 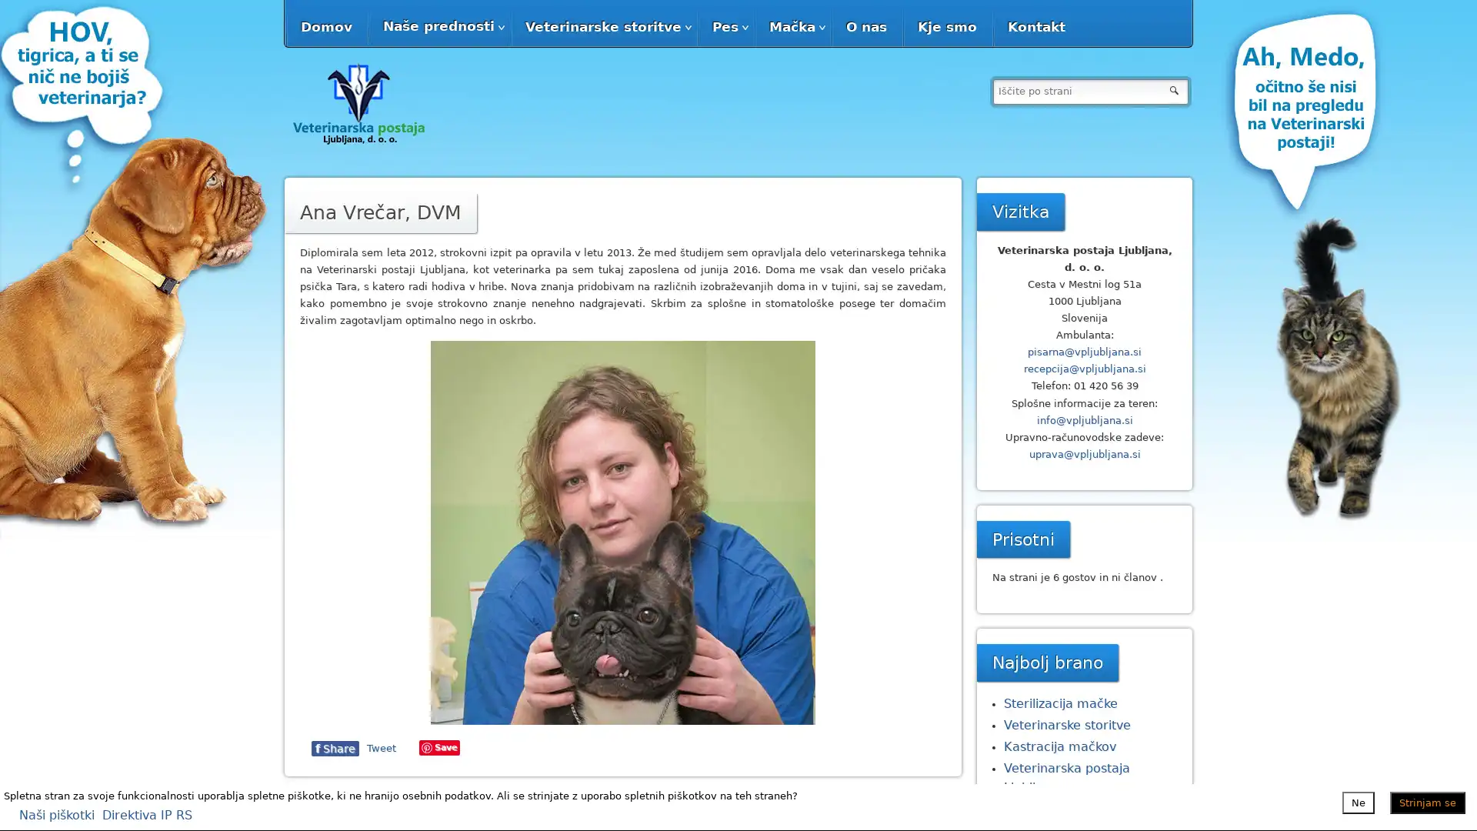 I want to click on Strinjam se, so click(x=1427, y=801).